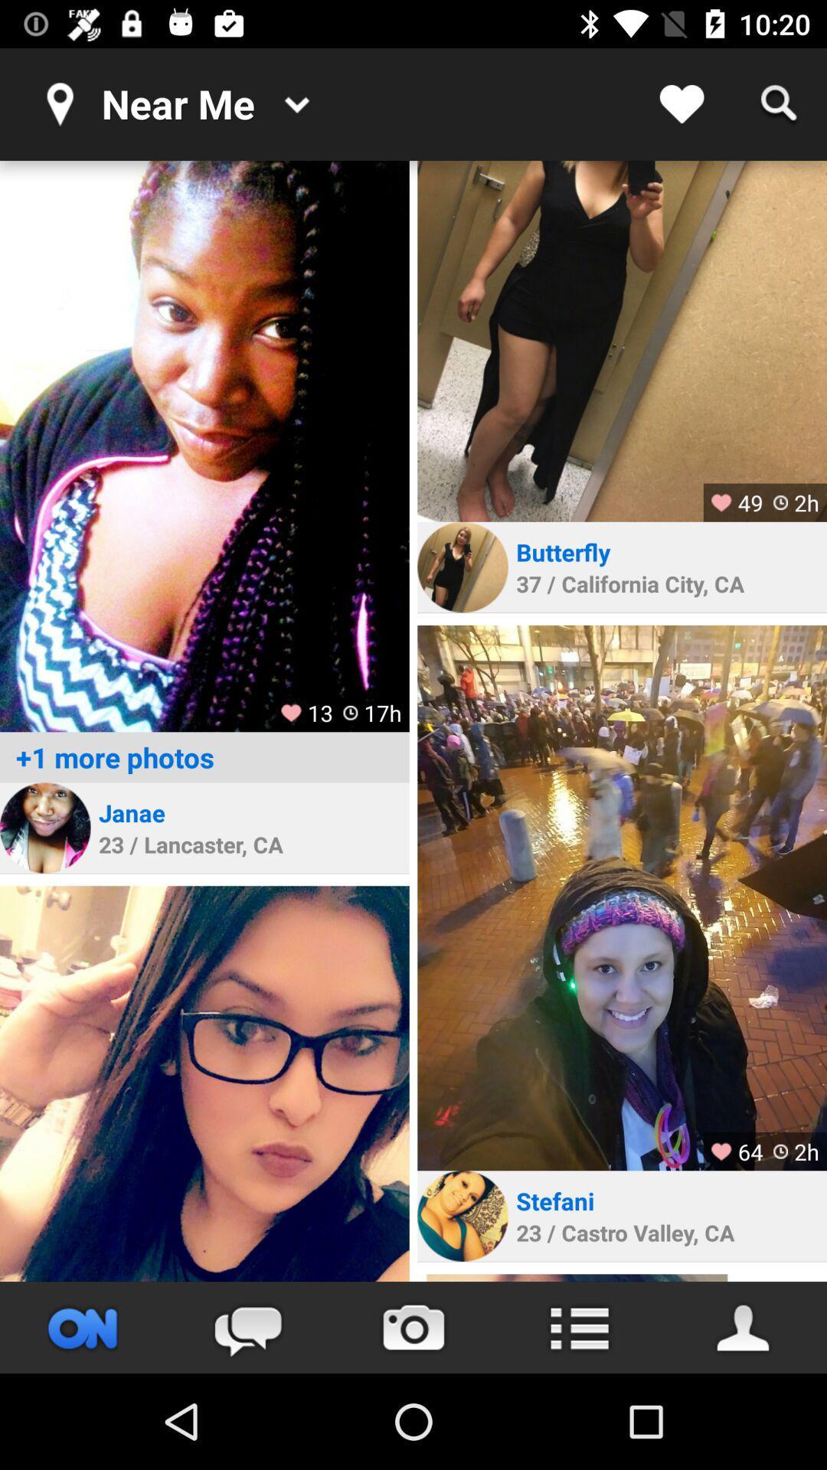 The width and height of the screenshot is (827, 1470). I want to click on profile, so click(622, 897).